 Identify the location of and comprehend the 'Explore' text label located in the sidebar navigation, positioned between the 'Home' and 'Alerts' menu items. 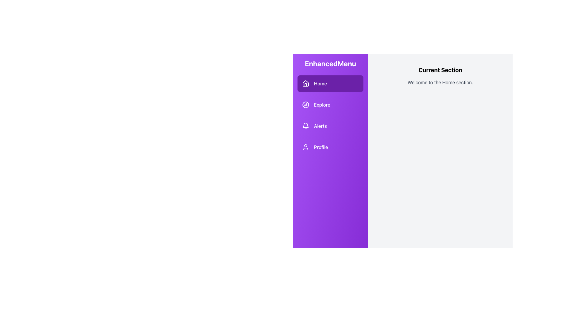
(322, 104).